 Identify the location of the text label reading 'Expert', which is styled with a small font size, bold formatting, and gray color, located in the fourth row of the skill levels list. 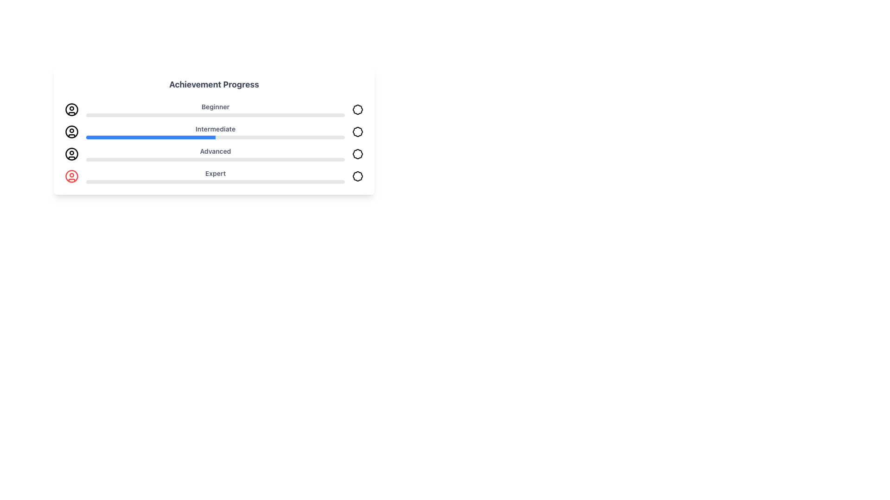
(215, 173).